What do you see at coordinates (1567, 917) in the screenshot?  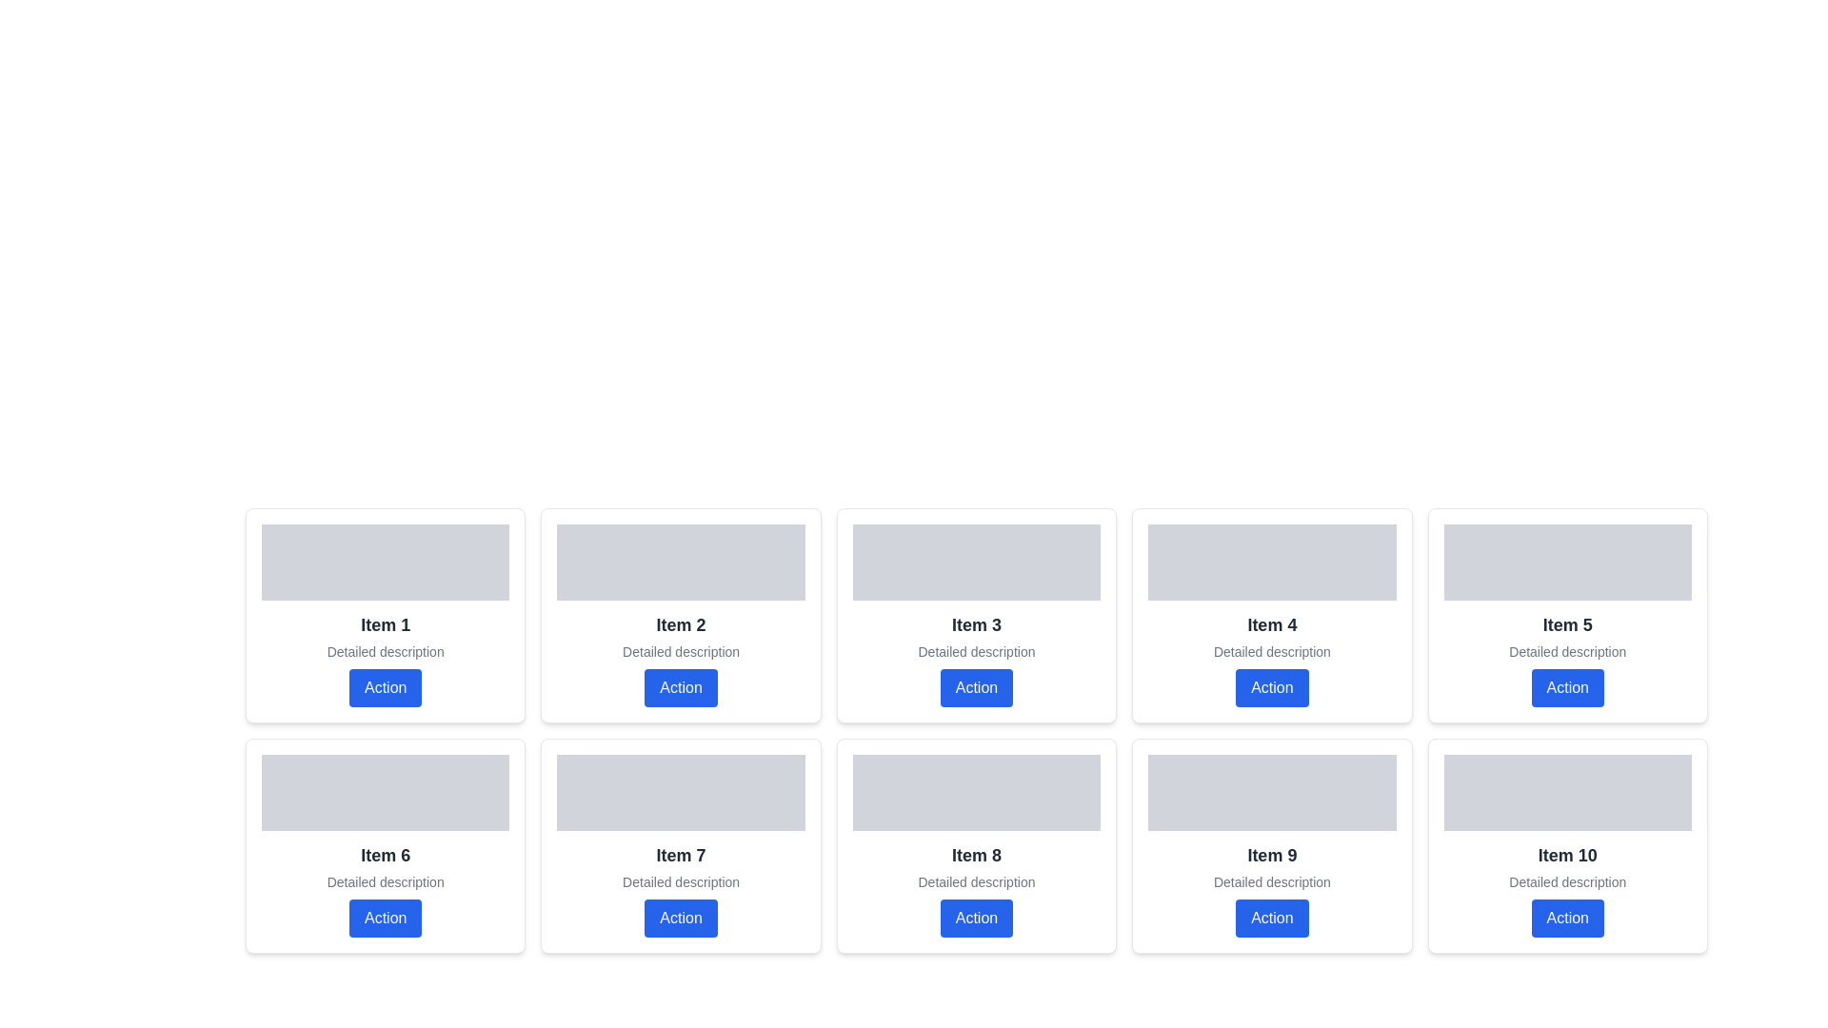 I see `the rectangular button with a blue background and white text labeled 'Action' located within the 'Item 10' card, below the 'Detailed description.'` at bounding box center [1567, 917].